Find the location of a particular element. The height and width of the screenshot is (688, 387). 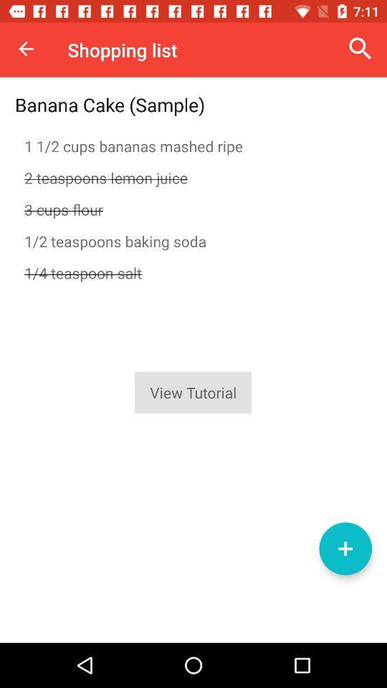

the item at the bottom right corner is located at coordinates (345, 548).